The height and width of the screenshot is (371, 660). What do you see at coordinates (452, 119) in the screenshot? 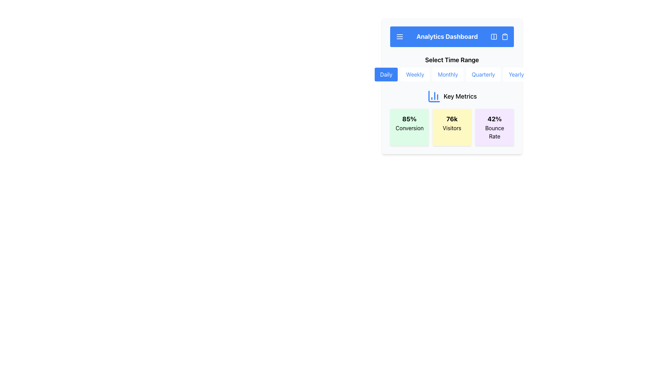
I see `the textual display that shows the number of visitors, represented by '76k', located within the yellow rounded rectangle labeled 'Visitors'` at bounding box center [452, 119].